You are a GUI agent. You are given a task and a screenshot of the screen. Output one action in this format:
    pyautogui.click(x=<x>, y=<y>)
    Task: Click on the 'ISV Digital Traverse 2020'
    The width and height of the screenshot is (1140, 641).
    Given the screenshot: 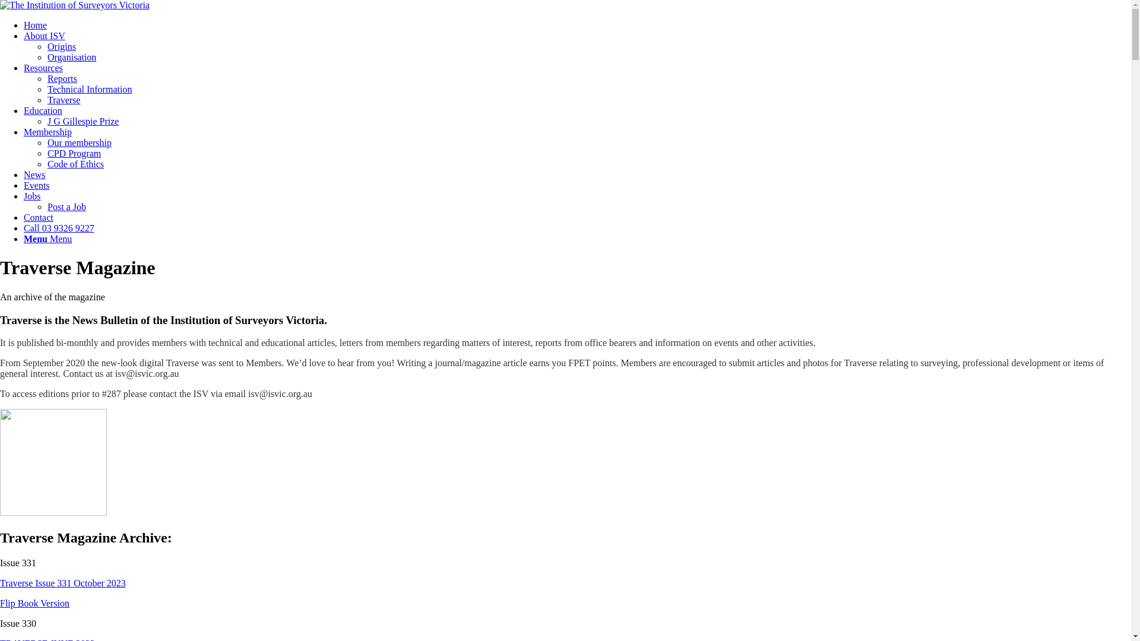 What is the action you would take?
    pyautogui.click(x=53, y=462)
    